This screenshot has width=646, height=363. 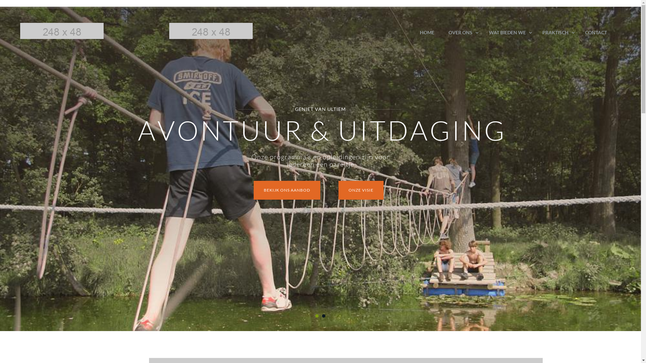 What do you see at coordinates (578, 32) in the screenshot?
I see `'CONTACT'` at bounding box center [578, 32].